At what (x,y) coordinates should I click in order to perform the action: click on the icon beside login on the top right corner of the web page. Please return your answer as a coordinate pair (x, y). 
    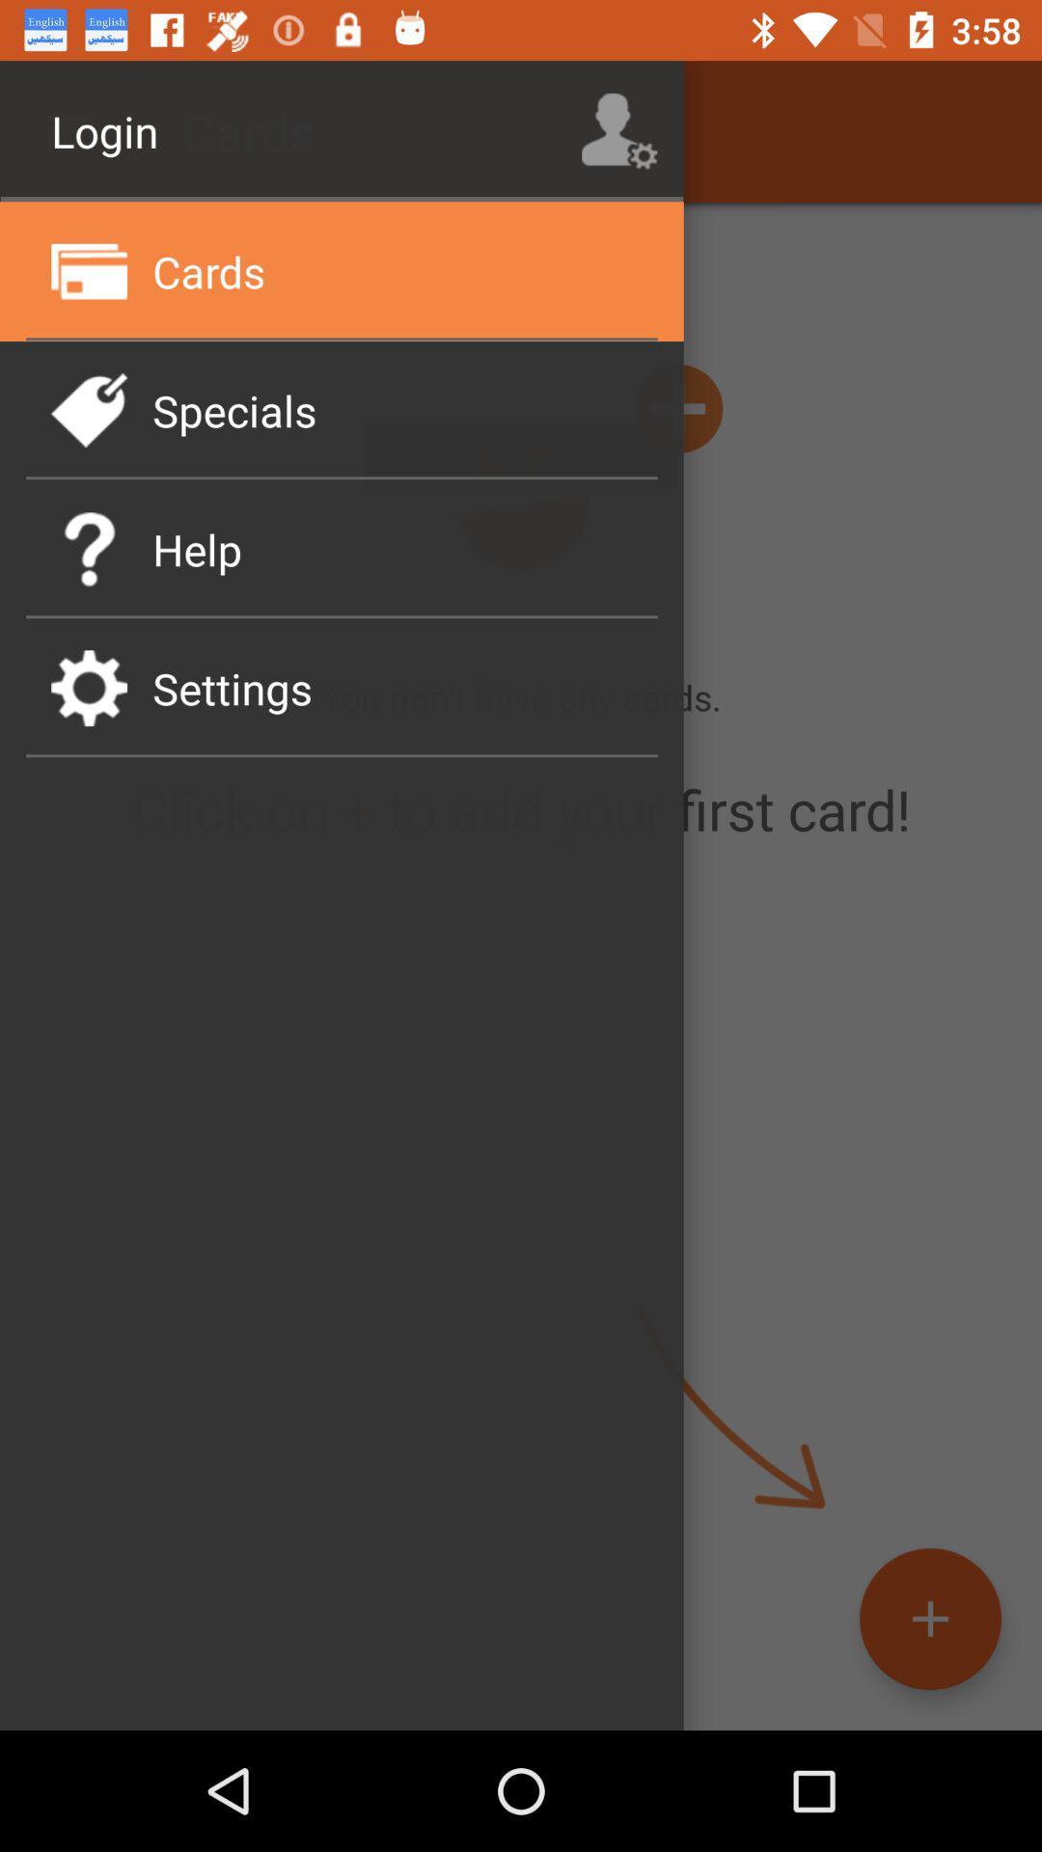
    Looking at the image, I should click on (619, 130).